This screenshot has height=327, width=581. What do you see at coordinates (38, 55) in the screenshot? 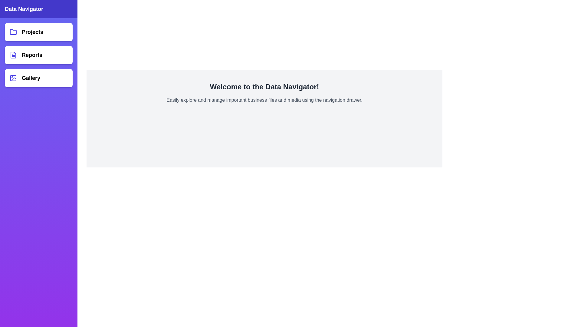
I see `the navigation item Reports to observe visual feedback` at bounding box center [38, 55].